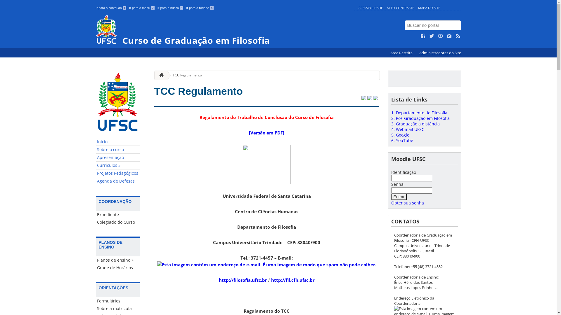 The height and width of the screenshot is (315, 561). What do you see at coordinates (398, 197) in the screenshot?
I see `'Entrar'` at bounding box center [398, 197].